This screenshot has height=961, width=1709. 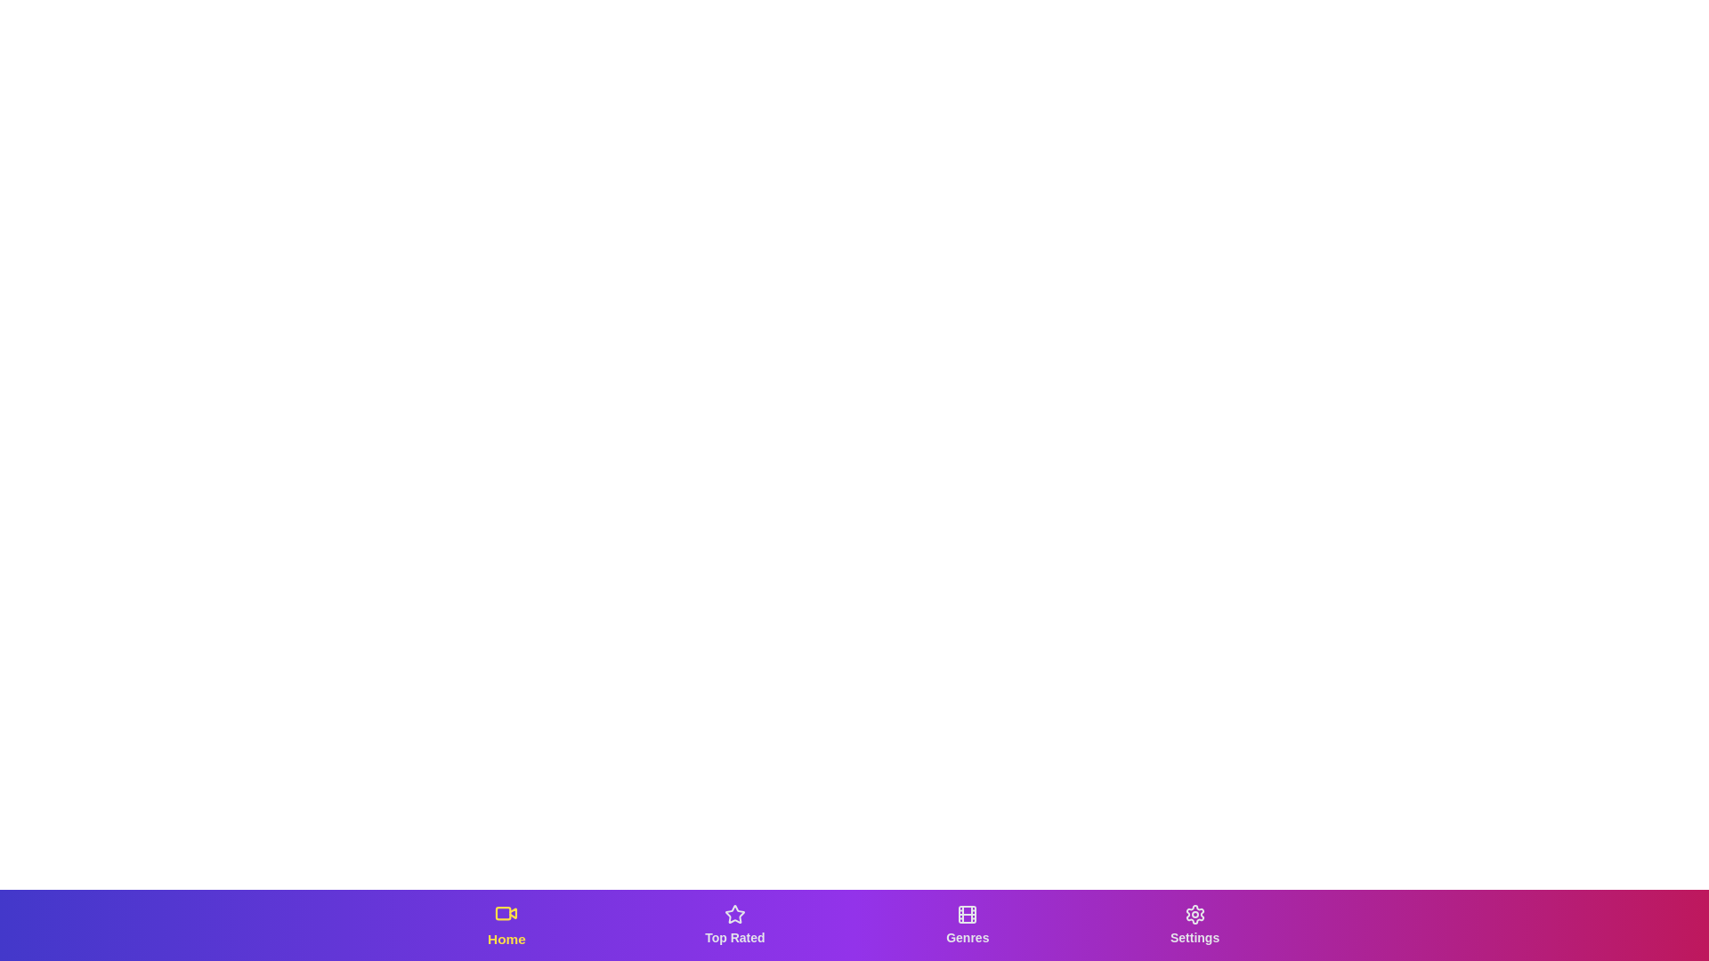 What do you see at coordinates (966, 925) in the screenshot?
I see `the Genres tab from the navigation bar` at bounding box center [966, 925].